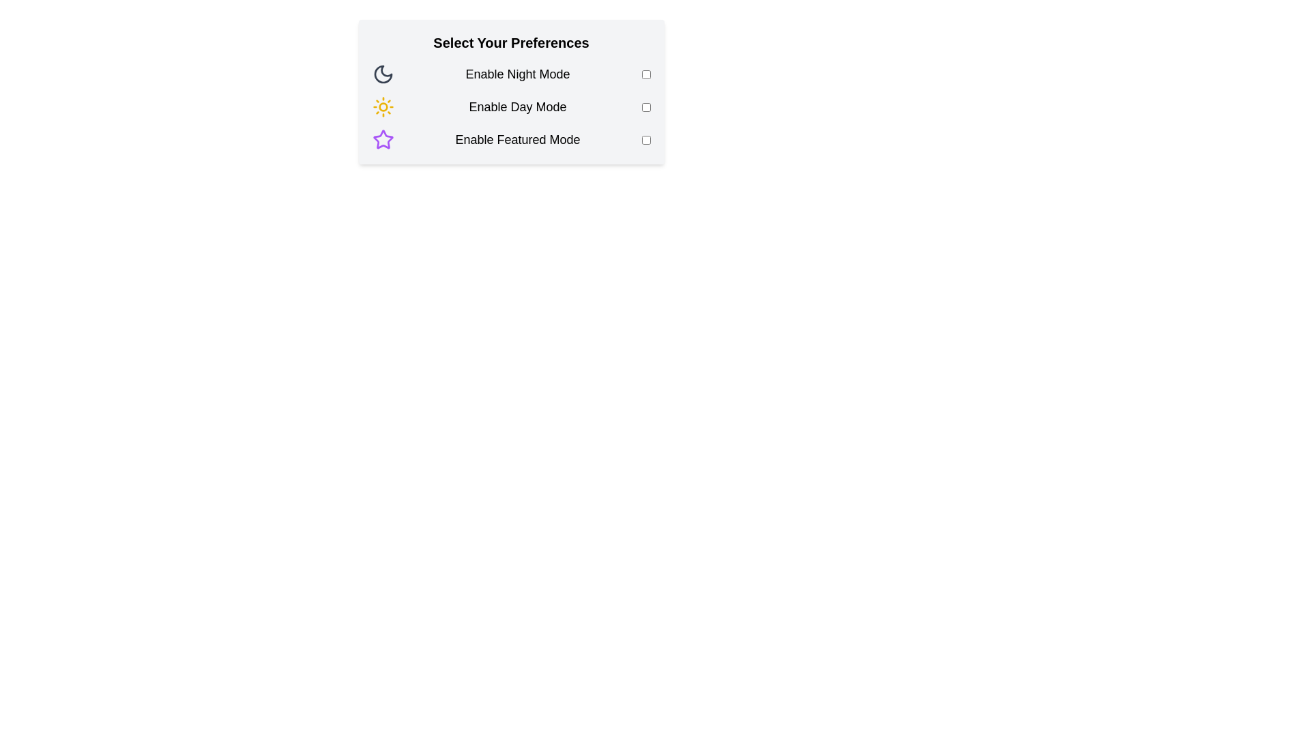  What do you see at coordinates (645, 74) in the screenshot?
I see `the Checkbox Toggle element located to the right of the 'Enable Night Mode' label` at bounding box center [645, 74].